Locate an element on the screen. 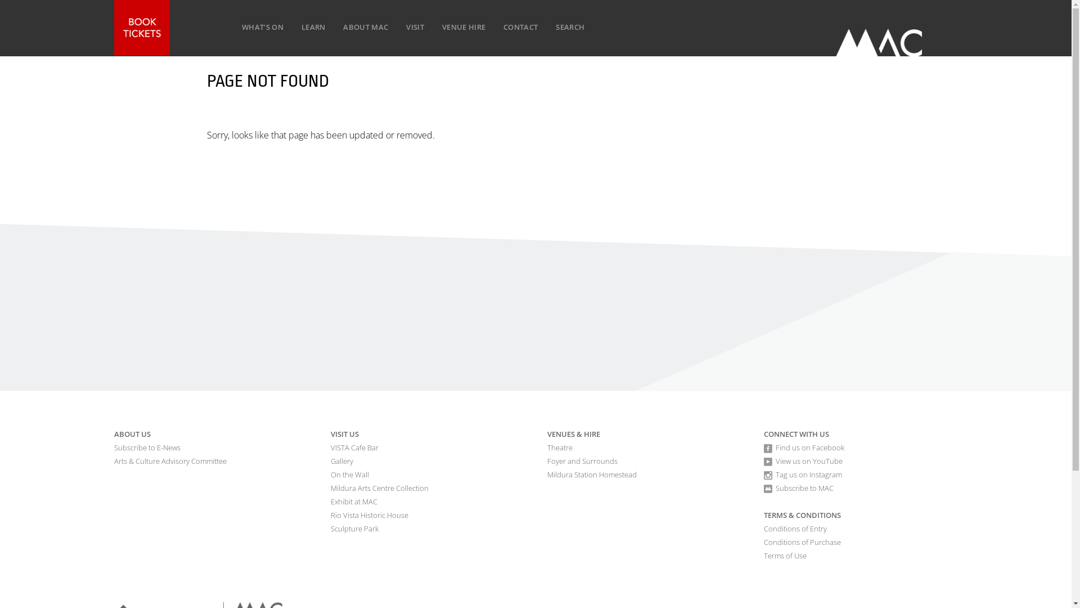  'Terms of Use' is located at coordinates (764, 555).